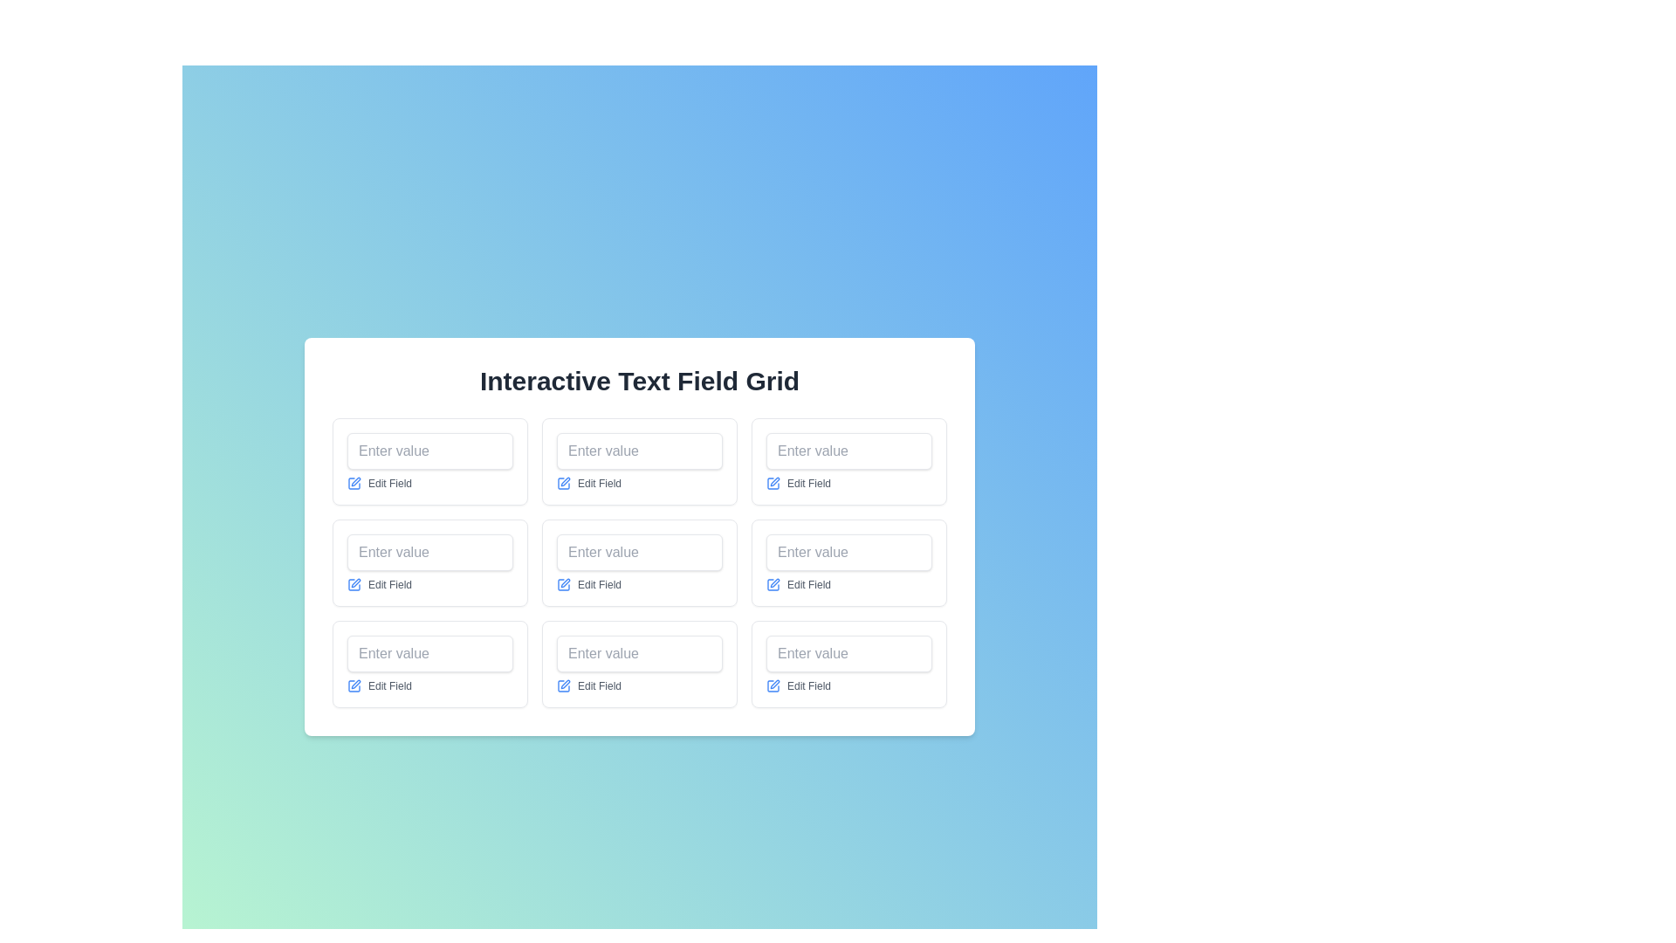 The image size is (1676, 943). What do you see at coordinates (355, 481) in the screenshot?
I see `the colored pen icon located beside the 'Edit Field' input in the top-left corner of the grid's cell` at bounding box center [355, 481].